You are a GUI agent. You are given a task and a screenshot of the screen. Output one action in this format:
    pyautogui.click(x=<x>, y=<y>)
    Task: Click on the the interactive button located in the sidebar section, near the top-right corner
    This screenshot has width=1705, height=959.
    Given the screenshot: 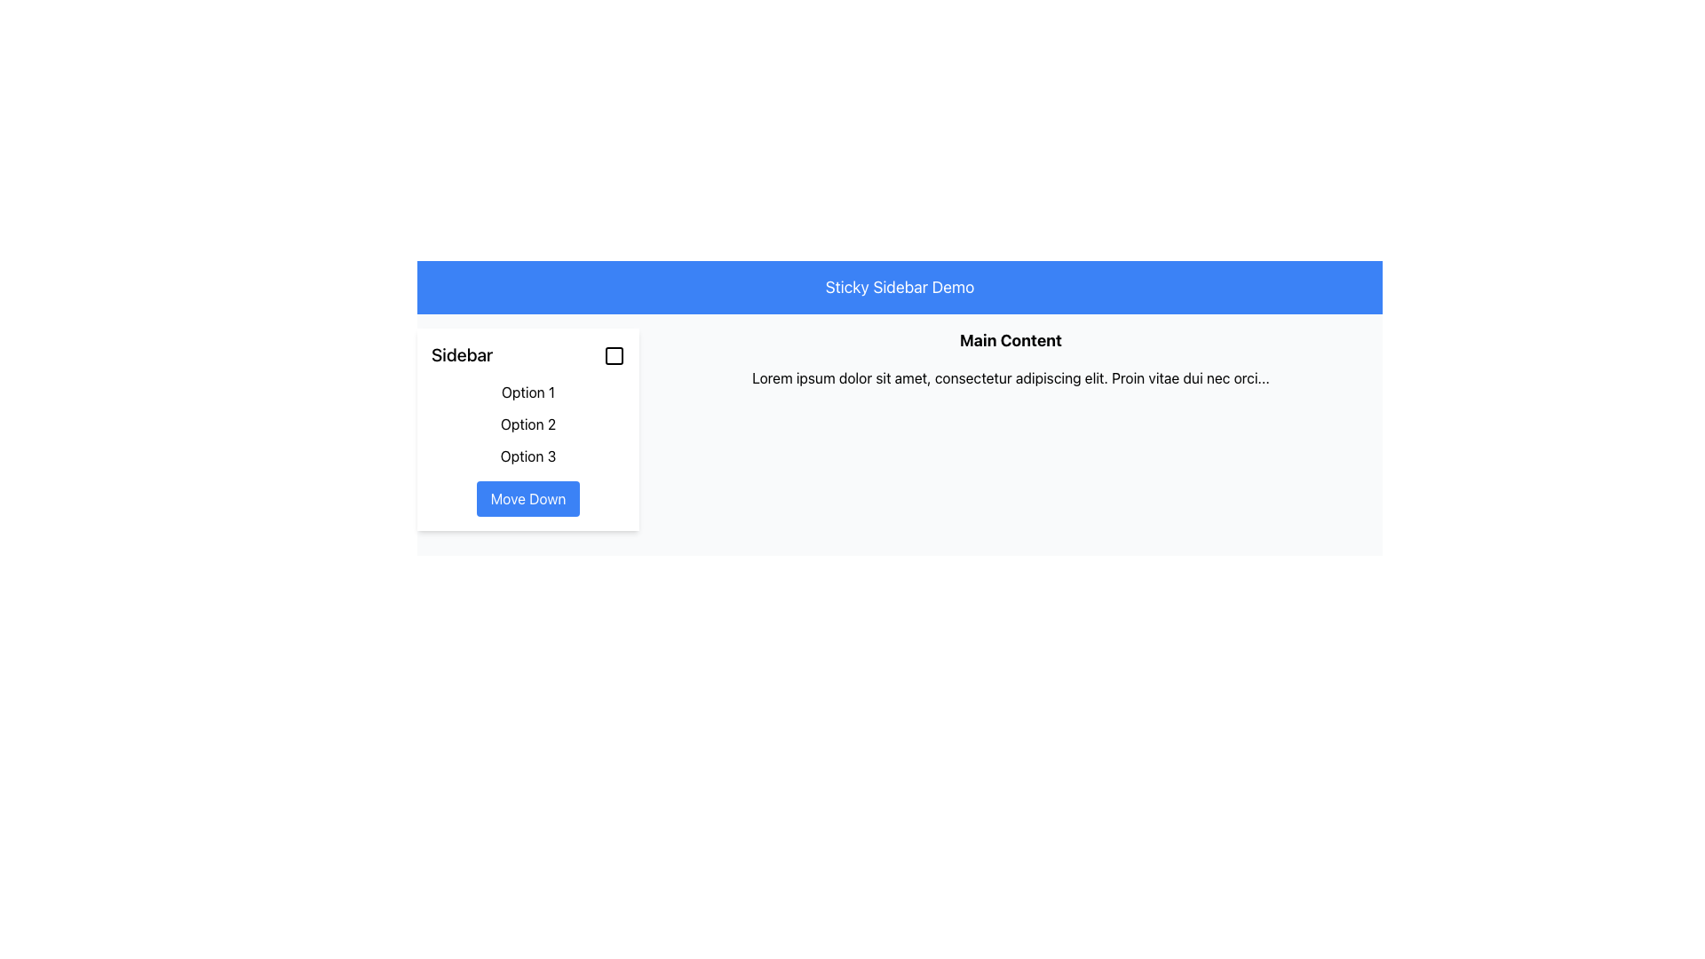 What is the action you would take?
    pyautogui.click(x=614, y=355)
    